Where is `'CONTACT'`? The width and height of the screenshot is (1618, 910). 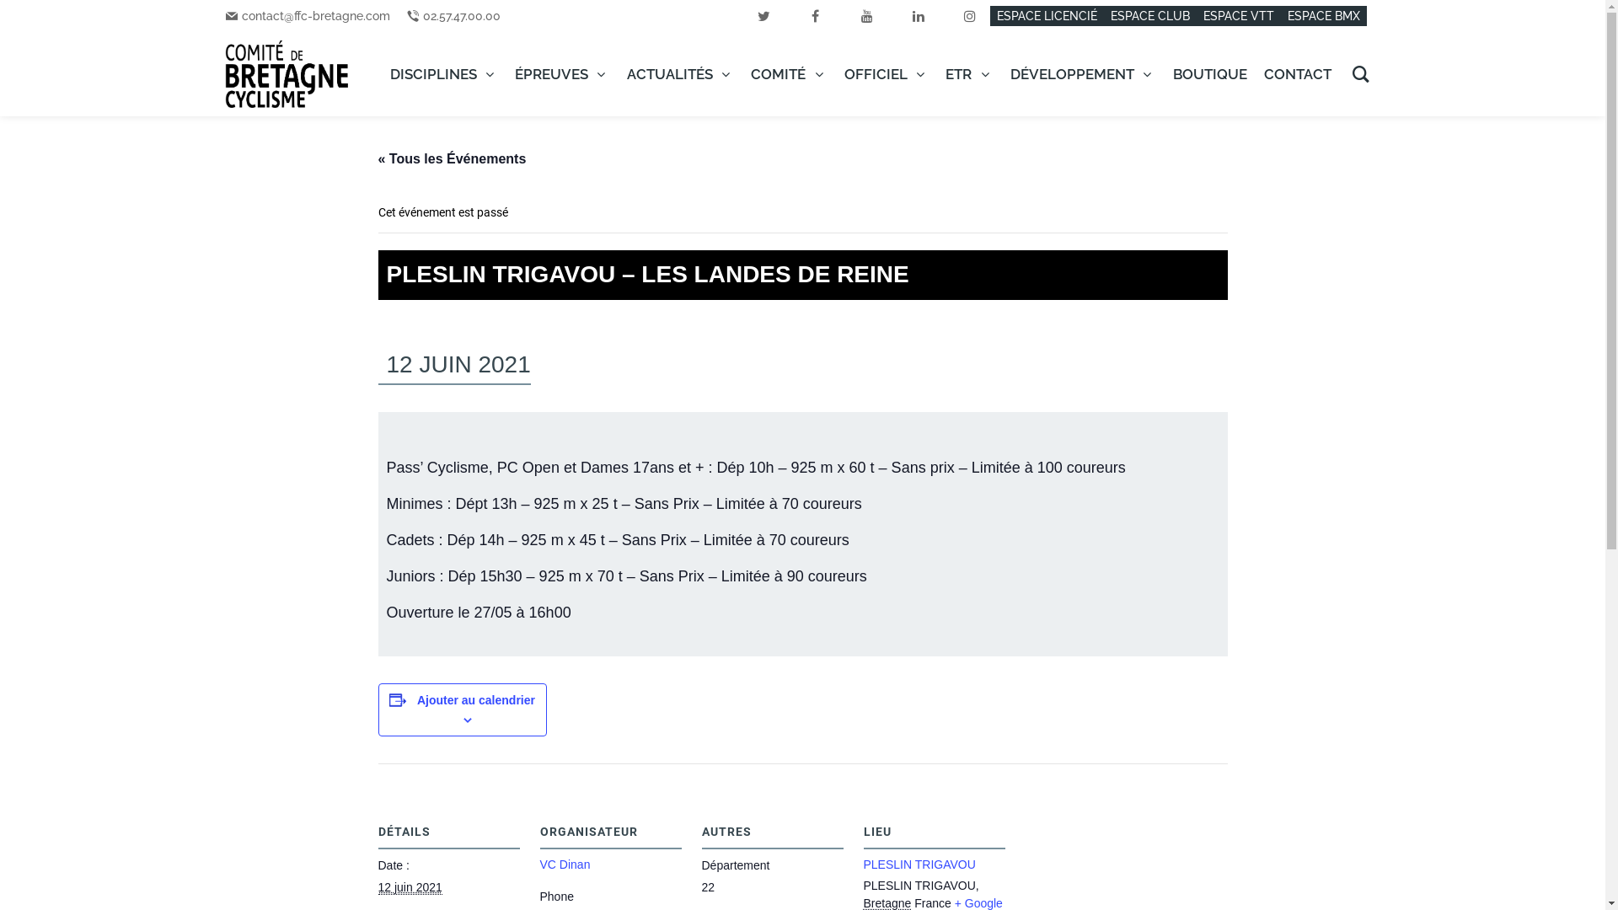 'CONTACT' is located at coordinates (1297, 73).